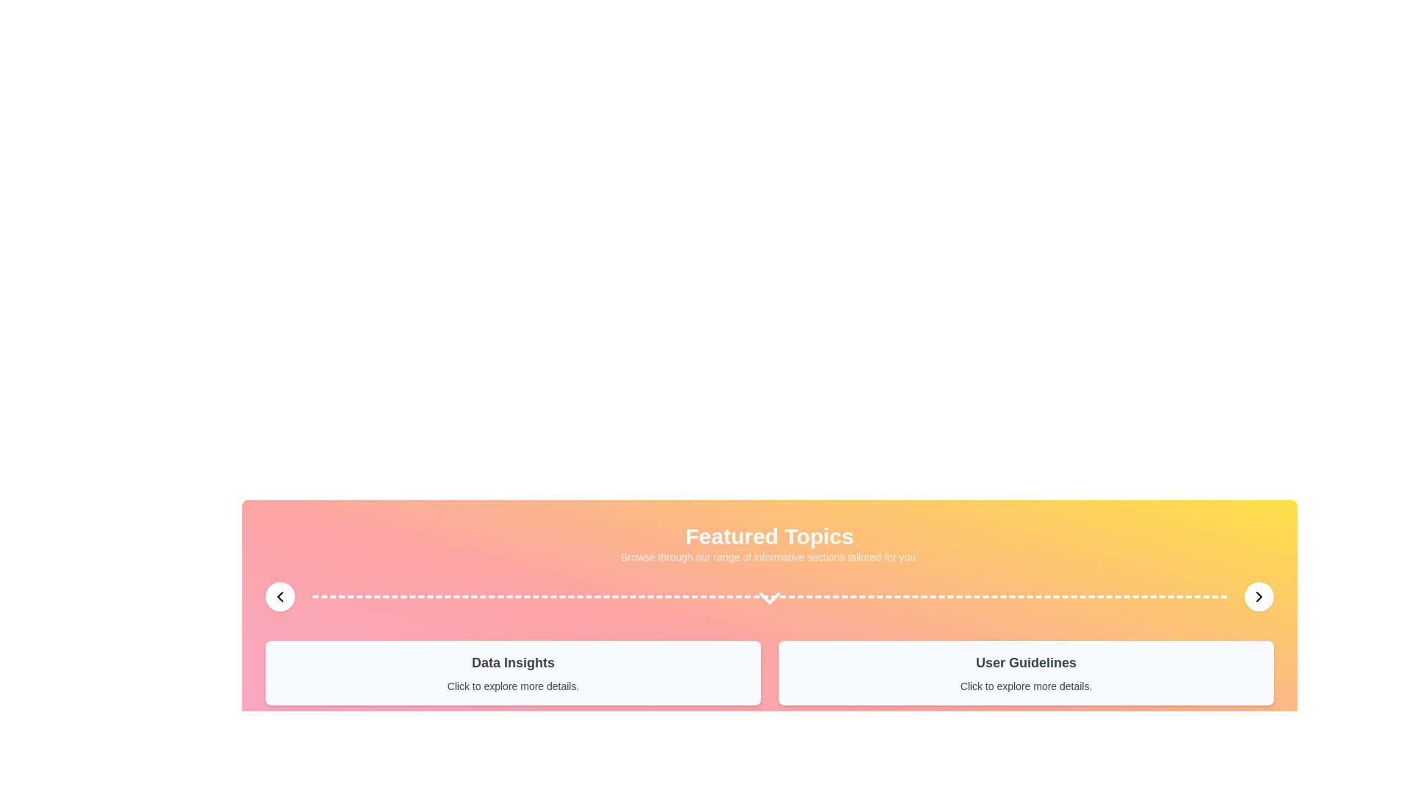 This screenshot has width=1409, height=792. I want to click on the circular button with a white background and a black rightward arrow icon, so click(1259, 596).